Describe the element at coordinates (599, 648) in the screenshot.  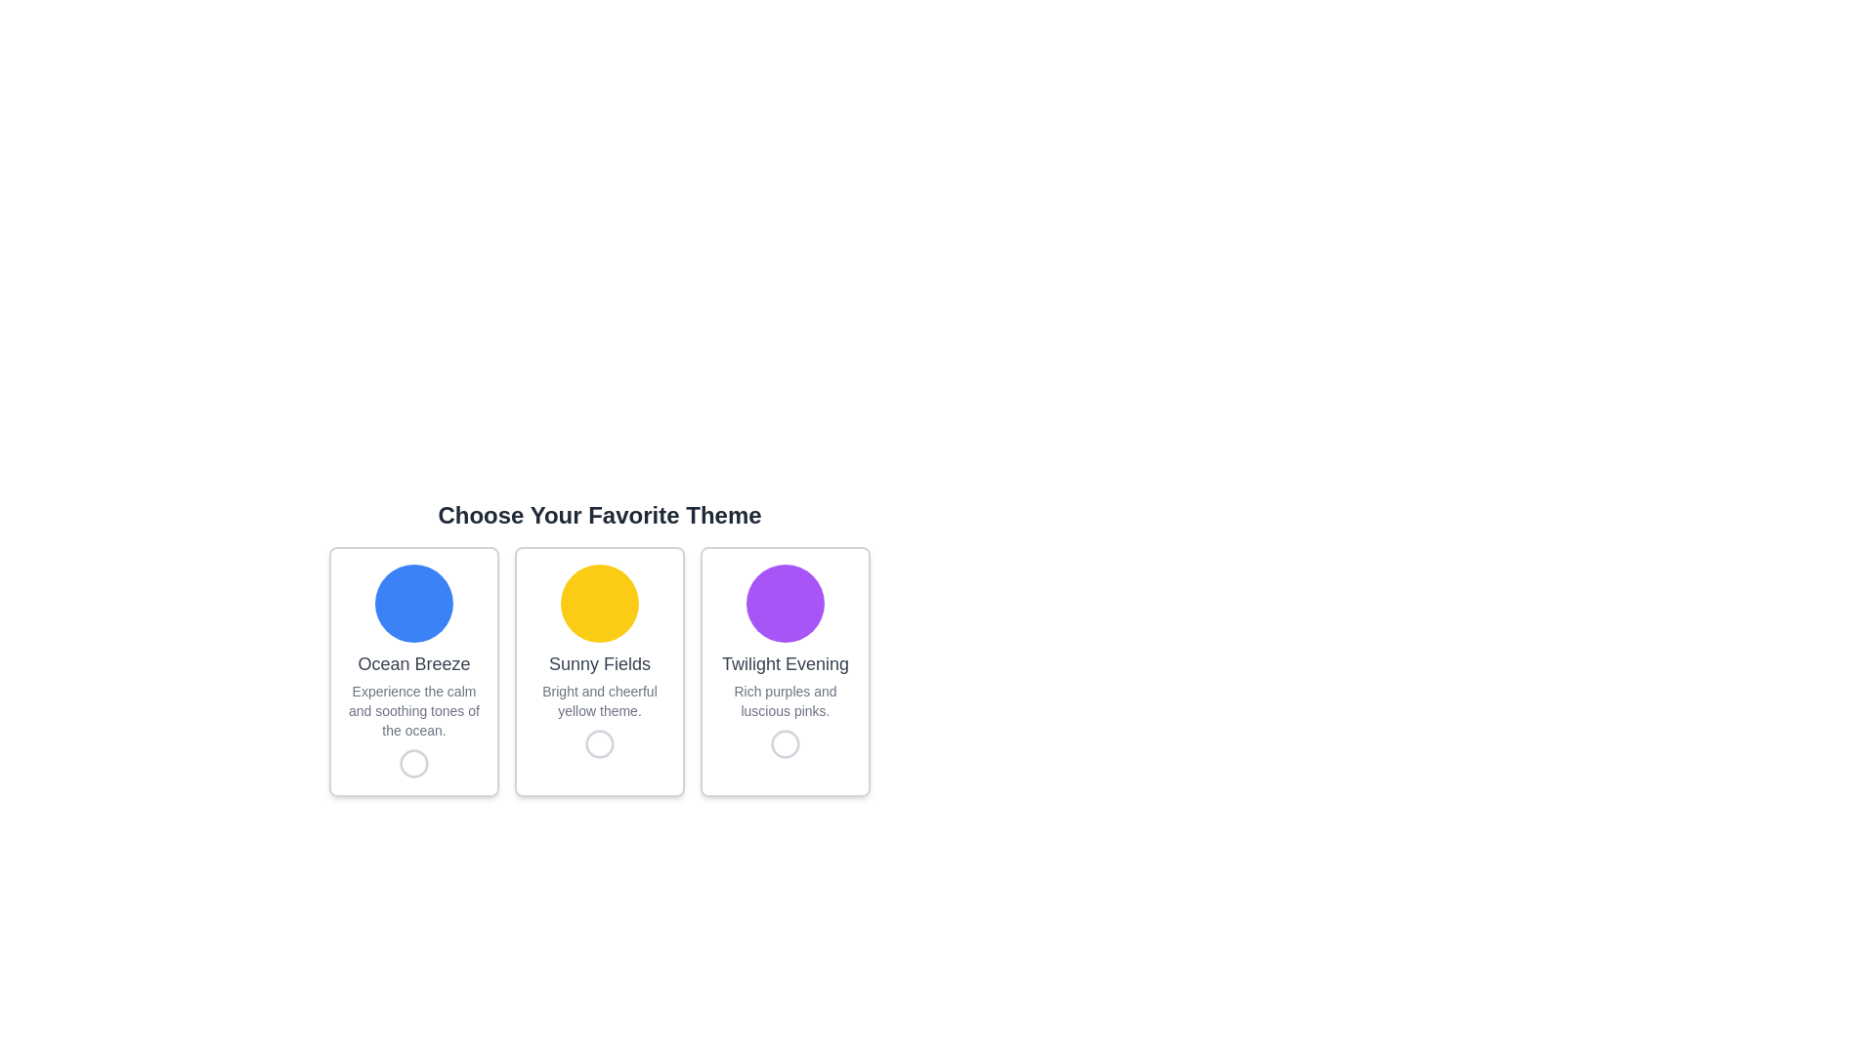
I see `the heading element that serves as the title for the selection interface, guiding the user to choose from available themes` at that location.